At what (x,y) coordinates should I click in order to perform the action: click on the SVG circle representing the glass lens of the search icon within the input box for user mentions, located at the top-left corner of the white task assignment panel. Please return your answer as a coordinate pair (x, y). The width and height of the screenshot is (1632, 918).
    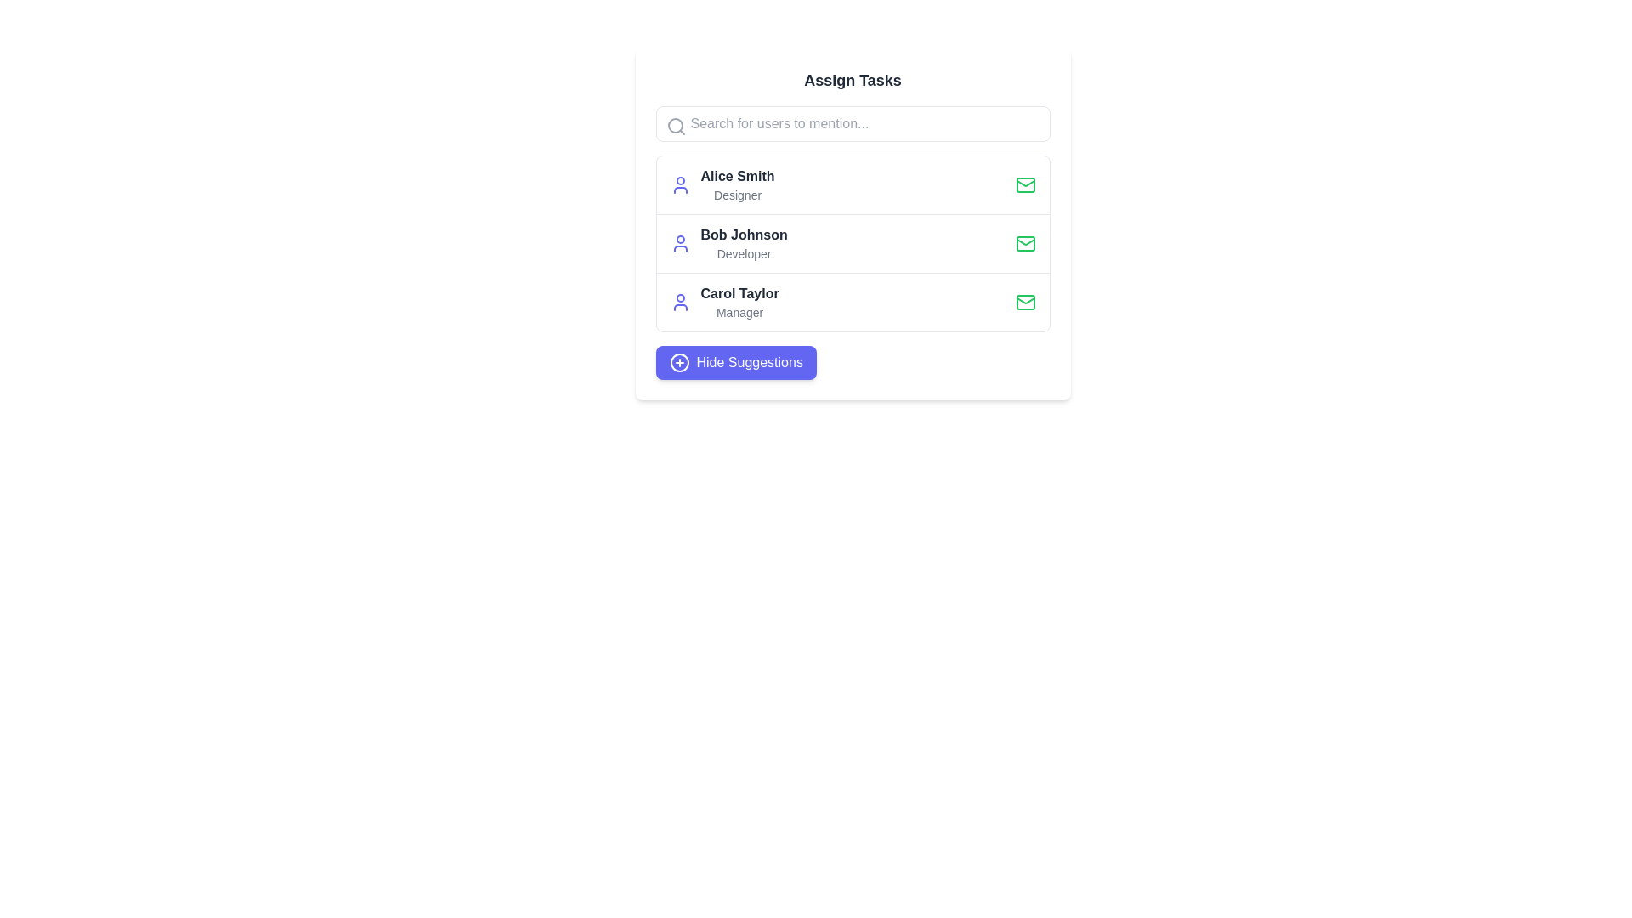
    Looking at the image, I should click on (674, 124).